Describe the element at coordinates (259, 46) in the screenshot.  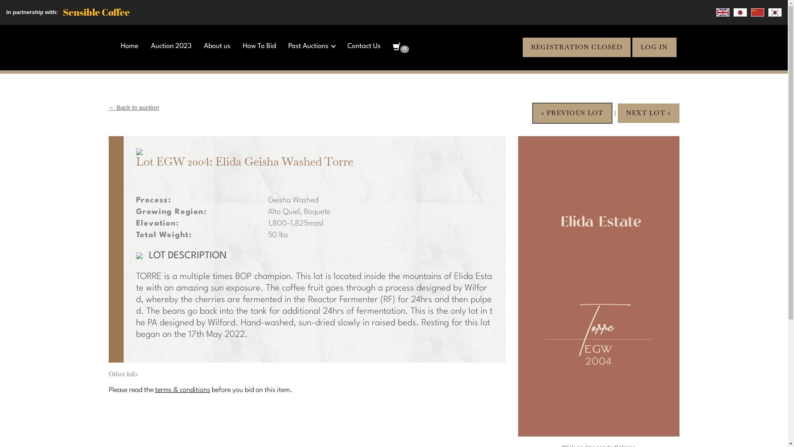
I see `'How To Bid'` at that location.